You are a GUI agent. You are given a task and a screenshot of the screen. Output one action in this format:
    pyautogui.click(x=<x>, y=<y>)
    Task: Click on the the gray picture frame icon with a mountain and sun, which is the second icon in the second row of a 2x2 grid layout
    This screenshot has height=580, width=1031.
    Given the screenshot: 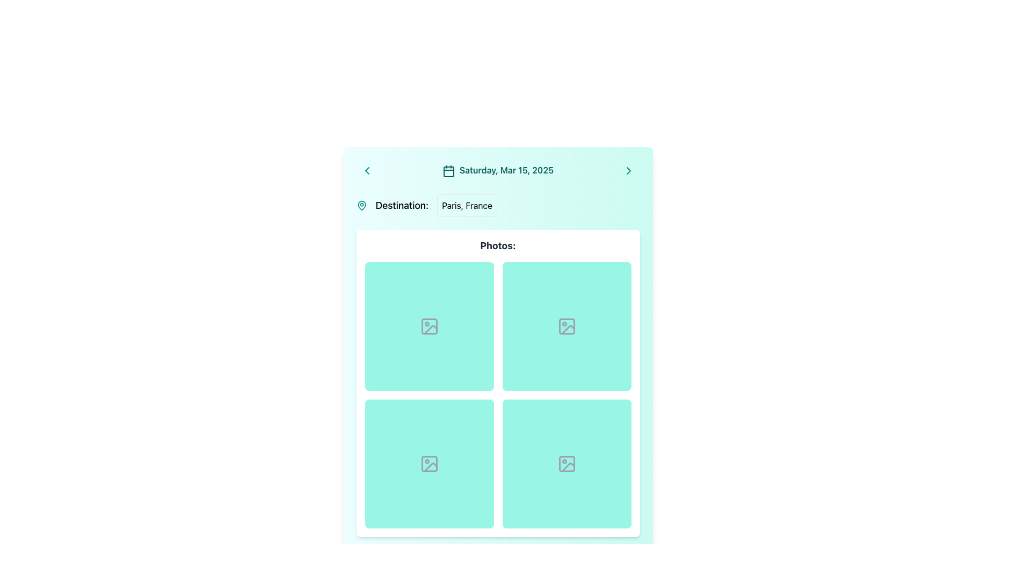 What is the action you would take?
    pyautogui.click(x=429, y=463)
    